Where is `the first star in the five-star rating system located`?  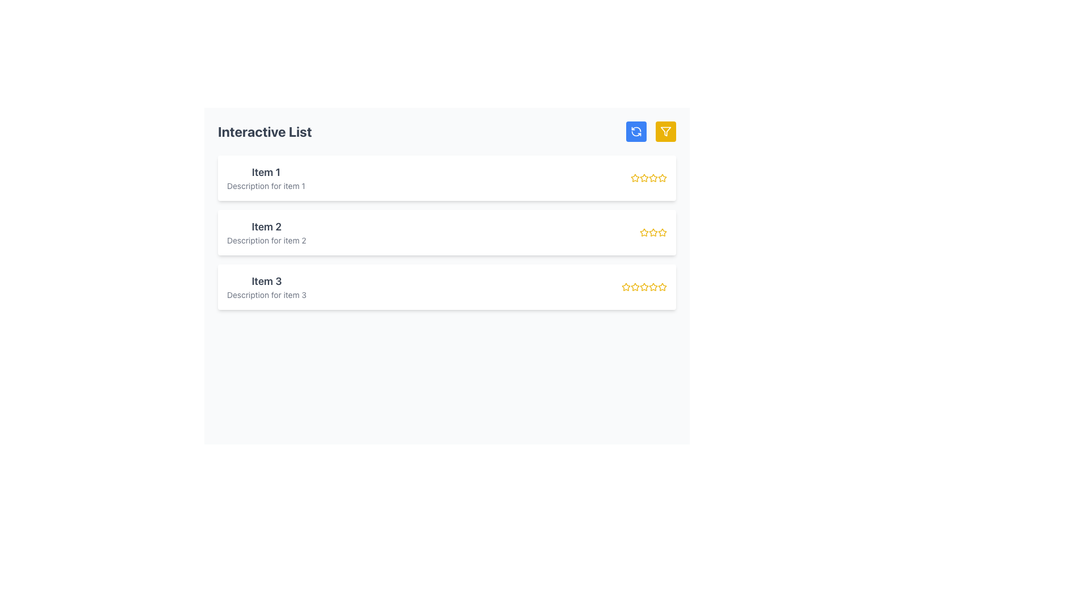
the first star in the five-star rating system located is located at coordinates (644, 232).